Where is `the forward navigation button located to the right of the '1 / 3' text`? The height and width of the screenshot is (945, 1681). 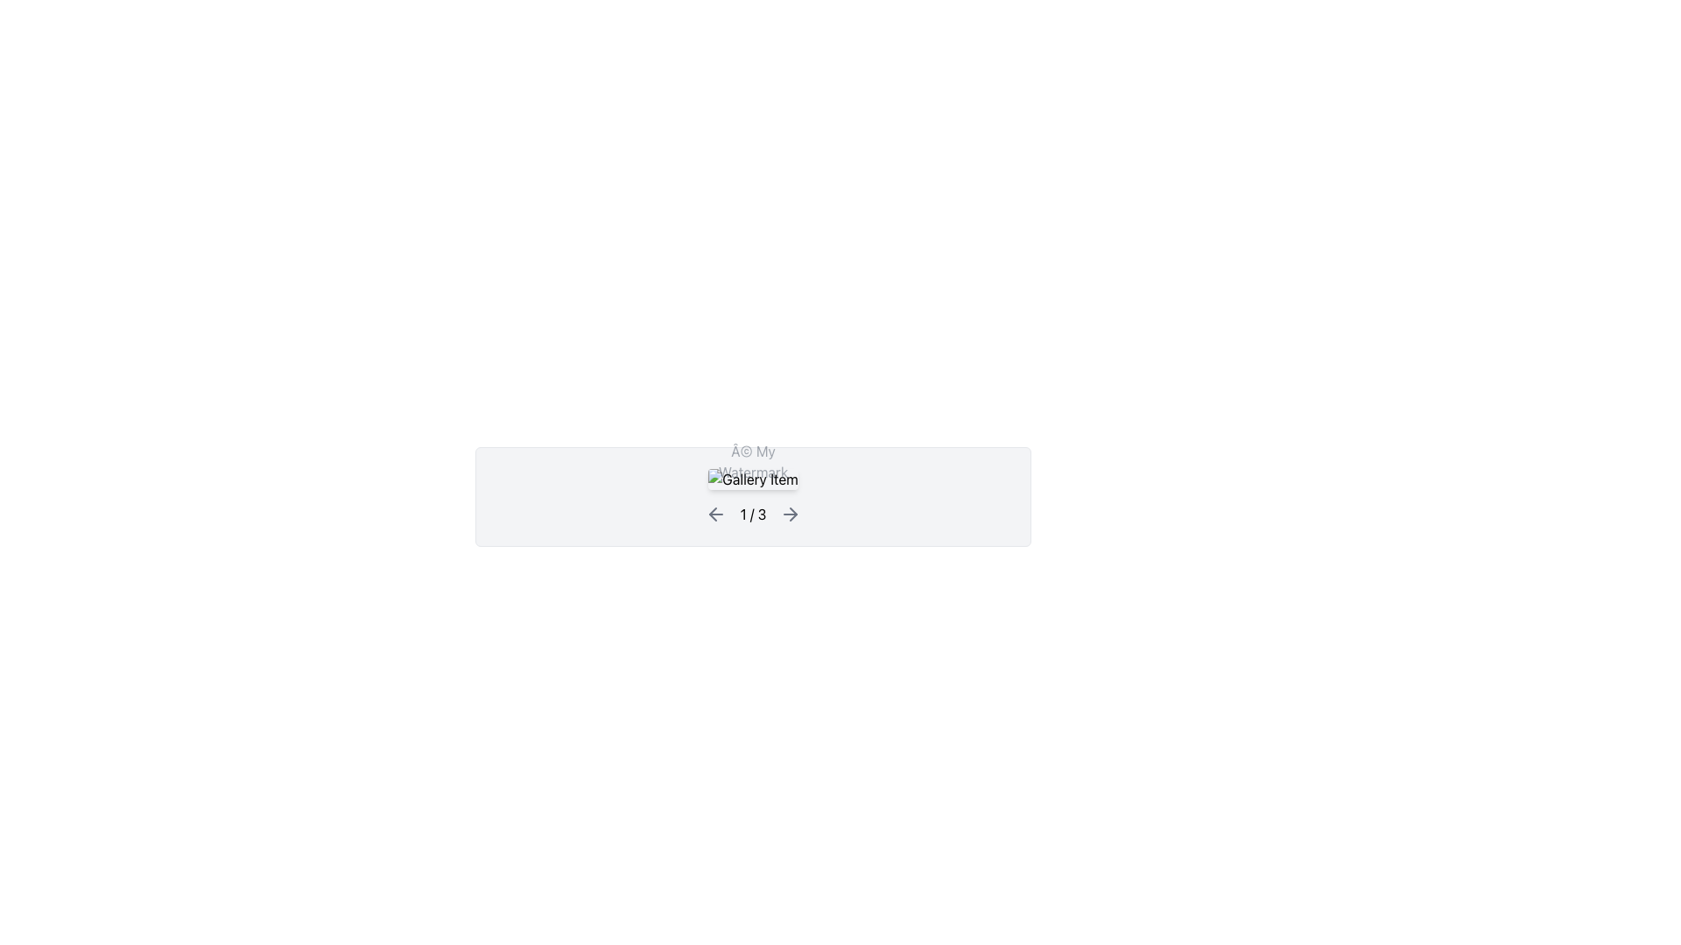
the forward navigation button located to the right of the '1 / 3' text is located at coordinates (790, 513).